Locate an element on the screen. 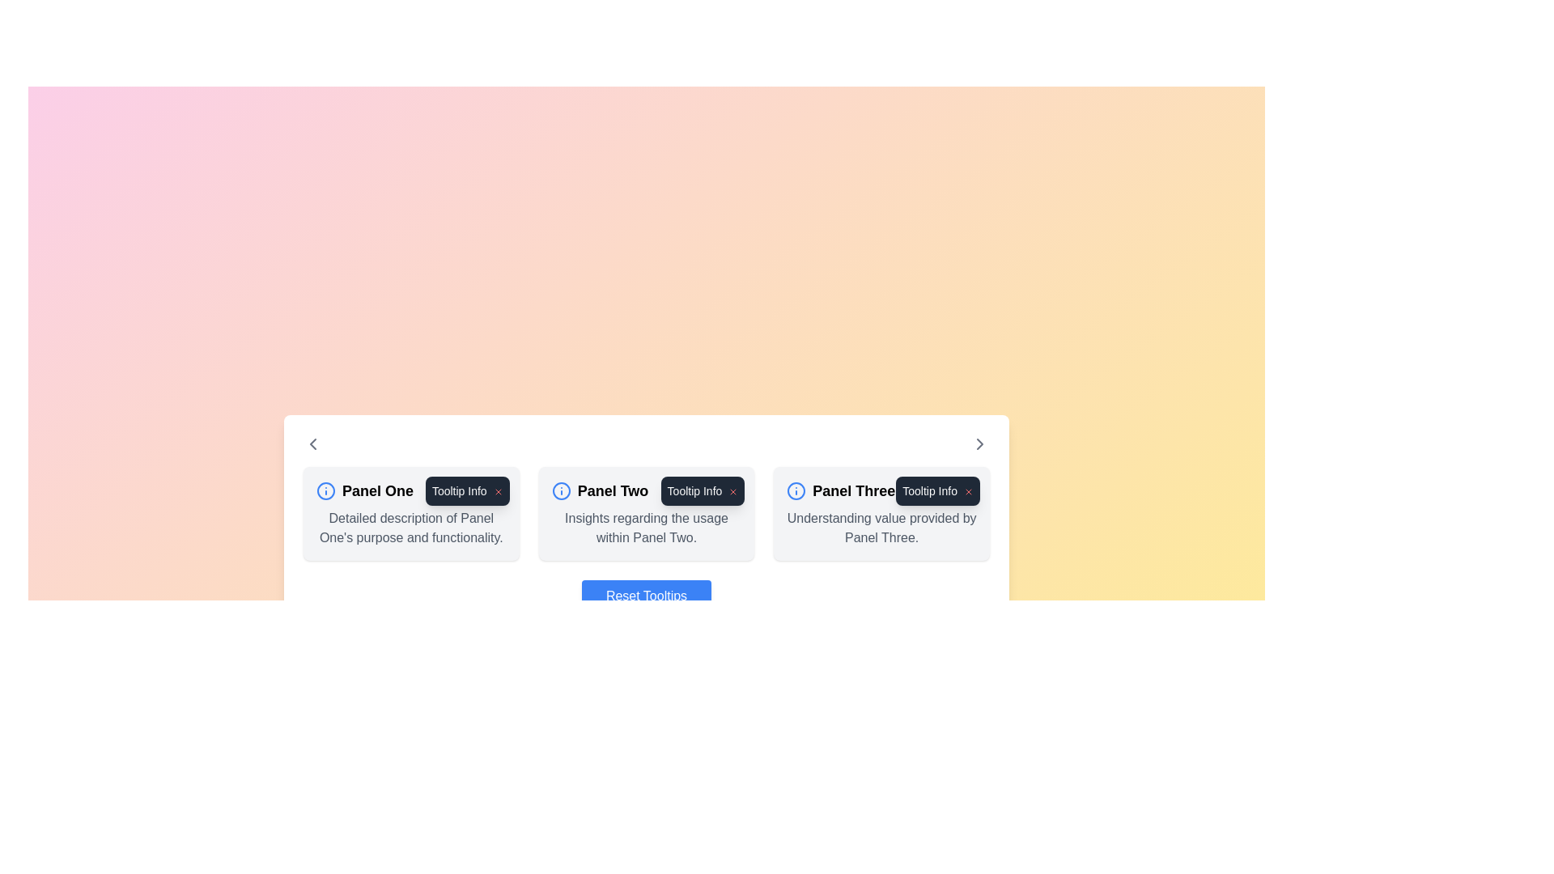  the info icon located in the header of the first panel is located at coordinates (411, 490).